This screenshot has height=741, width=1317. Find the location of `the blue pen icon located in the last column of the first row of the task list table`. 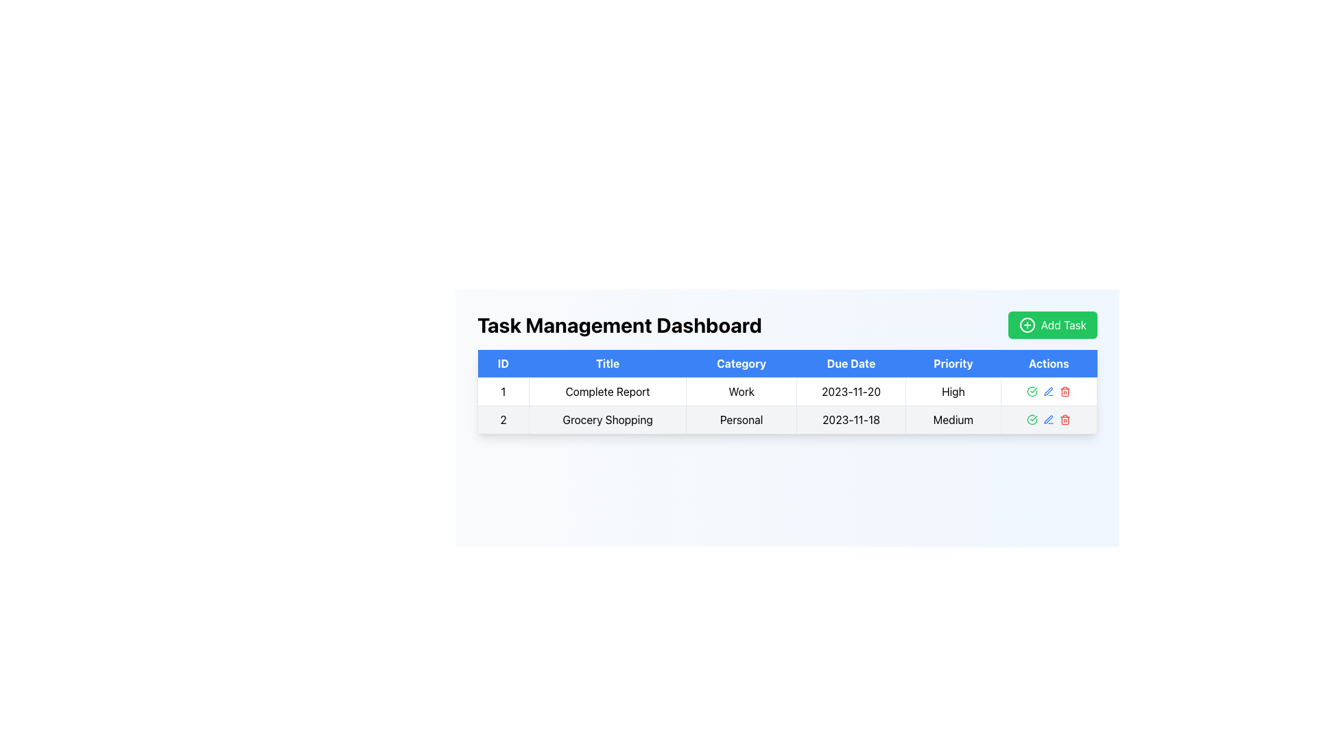

the blue pen icon located in the last column of the first row of the task list table is located at coordinates (1048, 391).